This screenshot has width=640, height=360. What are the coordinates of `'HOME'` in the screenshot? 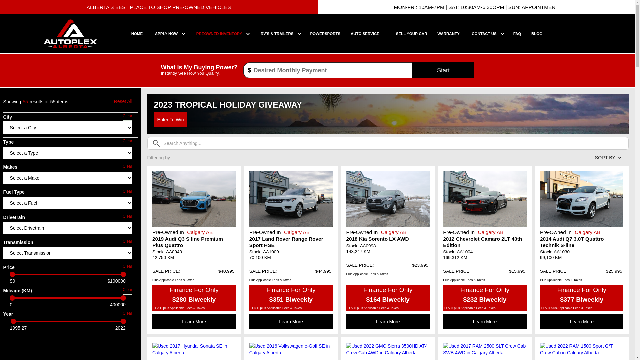 It's located at (137, 34).